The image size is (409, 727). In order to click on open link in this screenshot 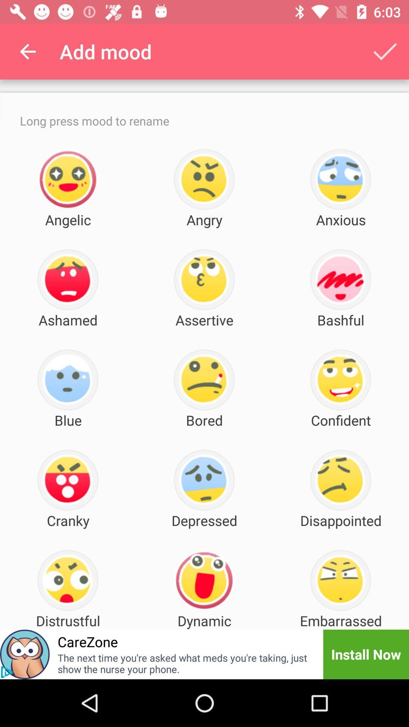, I will do `click(7, 672)`.